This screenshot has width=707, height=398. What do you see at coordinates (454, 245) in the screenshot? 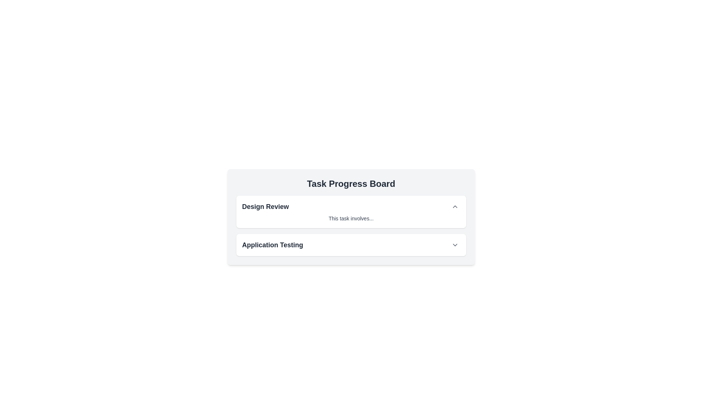
I see `the chevron-down icon button located at the far right of the 'Application Testing' section` at bounding box center [454, 245].